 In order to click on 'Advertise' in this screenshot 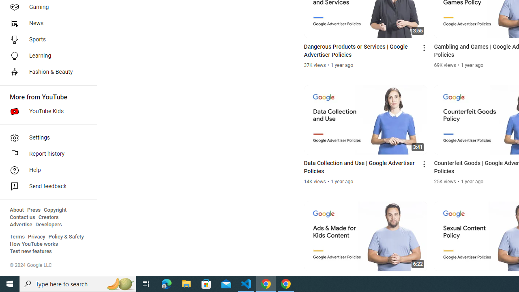, I will do `click(21, 225)`.